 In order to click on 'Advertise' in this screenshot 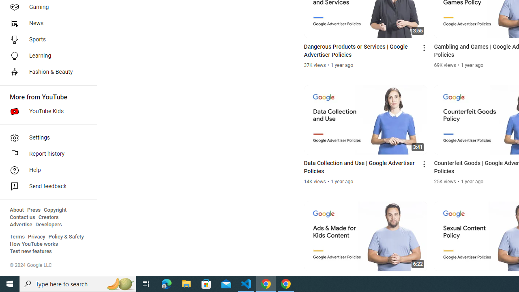, I will do `click(21, 225)`.